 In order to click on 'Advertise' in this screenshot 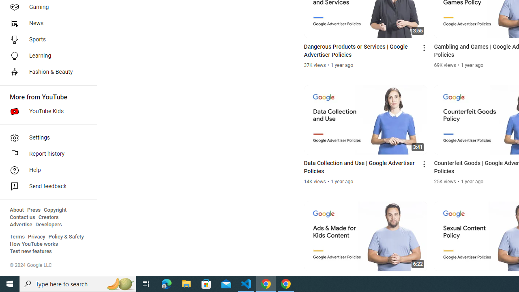, I will do `click(21, 225)`.